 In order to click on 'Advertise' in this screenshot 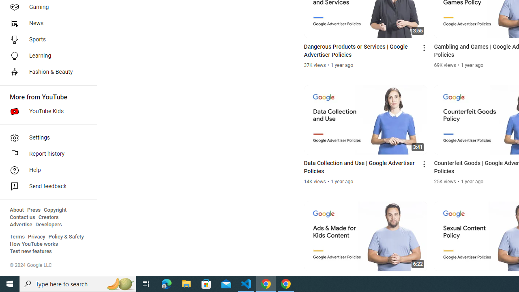, I will do `click(21, 225)`.